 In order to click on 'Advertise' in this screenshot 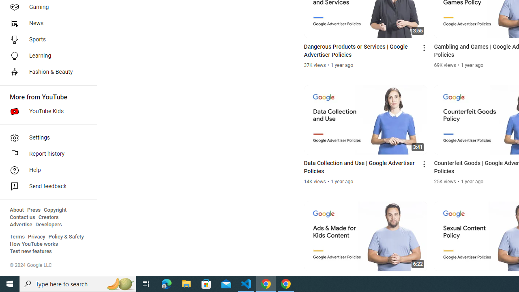, I will do `click(21, 225)`.